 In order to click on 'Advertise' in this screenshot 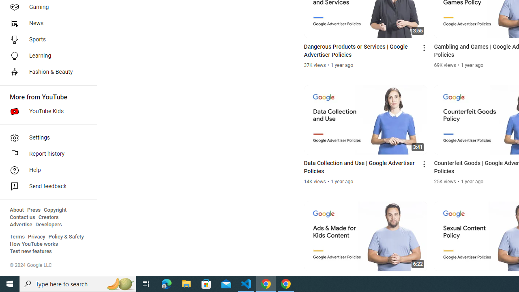, I will do `click(21, 225)`.